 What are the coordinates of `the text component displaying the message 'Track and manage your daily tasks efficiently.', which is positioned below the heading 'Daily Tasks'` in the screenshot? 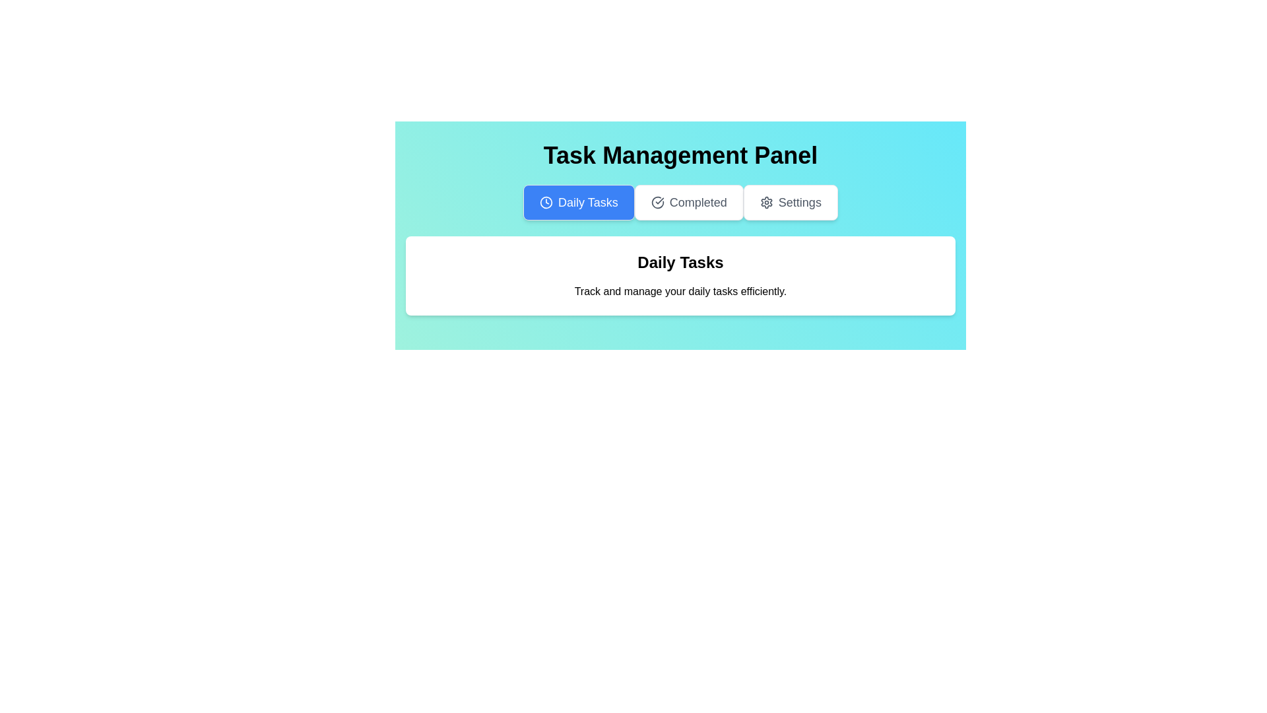 It's located at (680, 291).